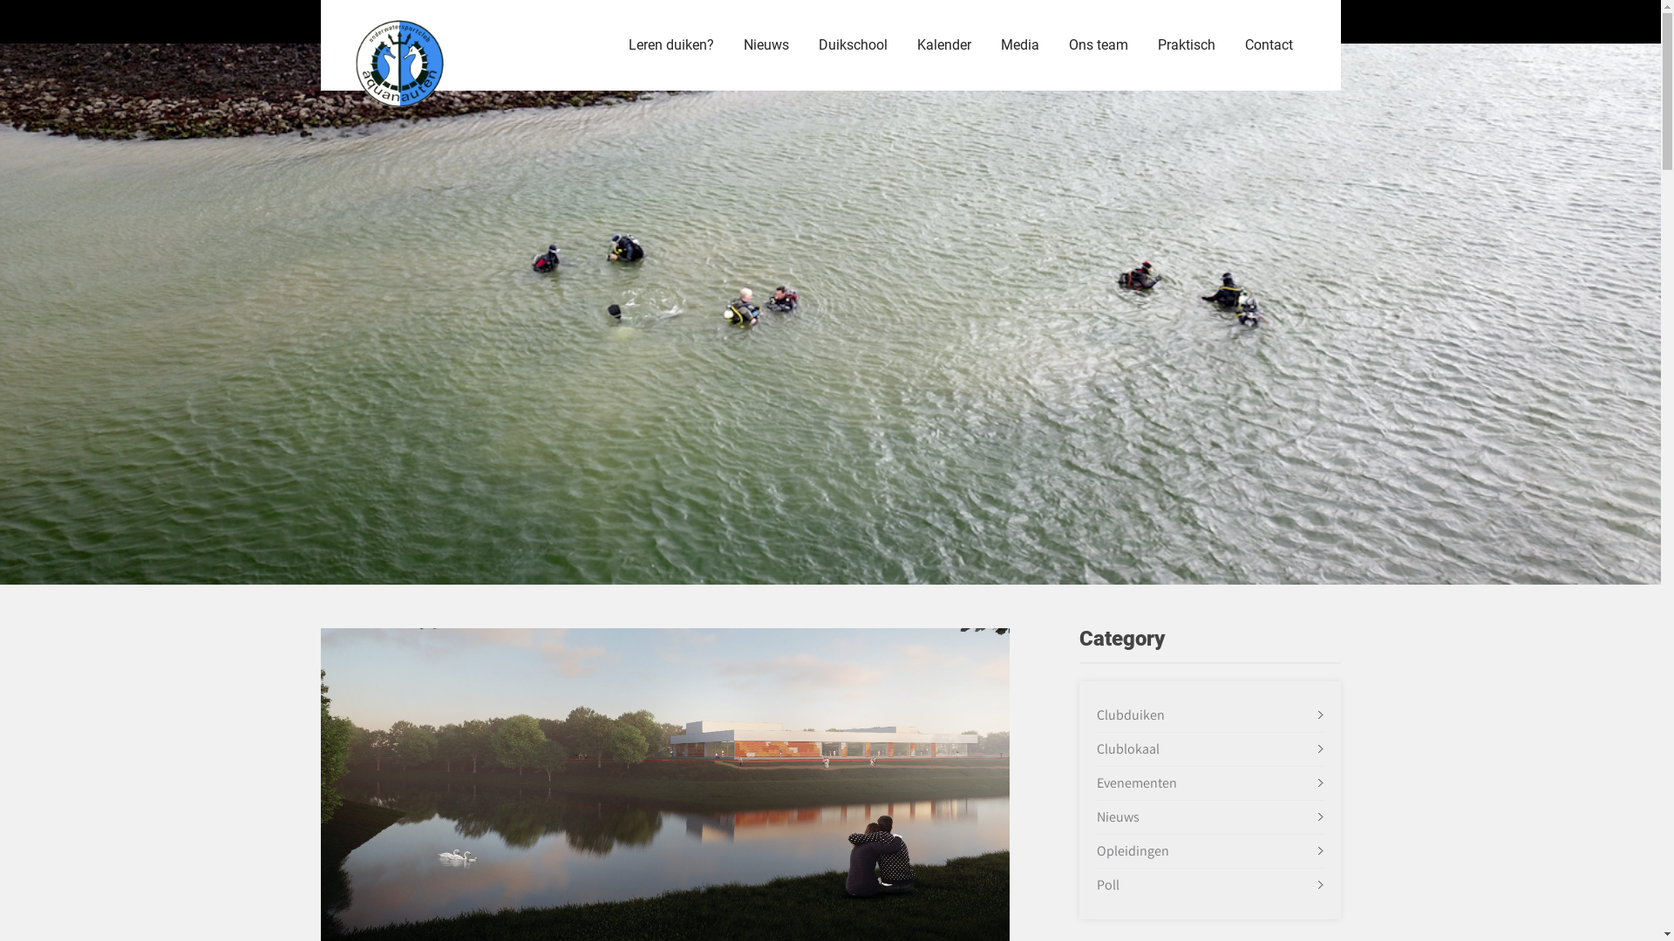 The image size is (1674, 941). What do you see at coordinates (1096, 44) in the screenshot?
I see `'Ons team'` at bounding box center [1096, 44].